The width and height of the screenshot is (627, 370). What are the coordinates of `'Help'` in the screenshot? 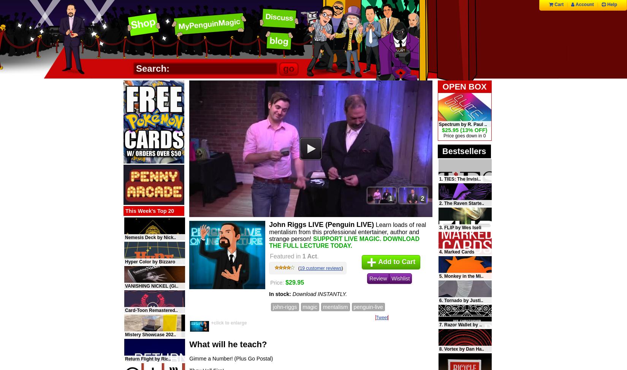 It's located at (611, 4).